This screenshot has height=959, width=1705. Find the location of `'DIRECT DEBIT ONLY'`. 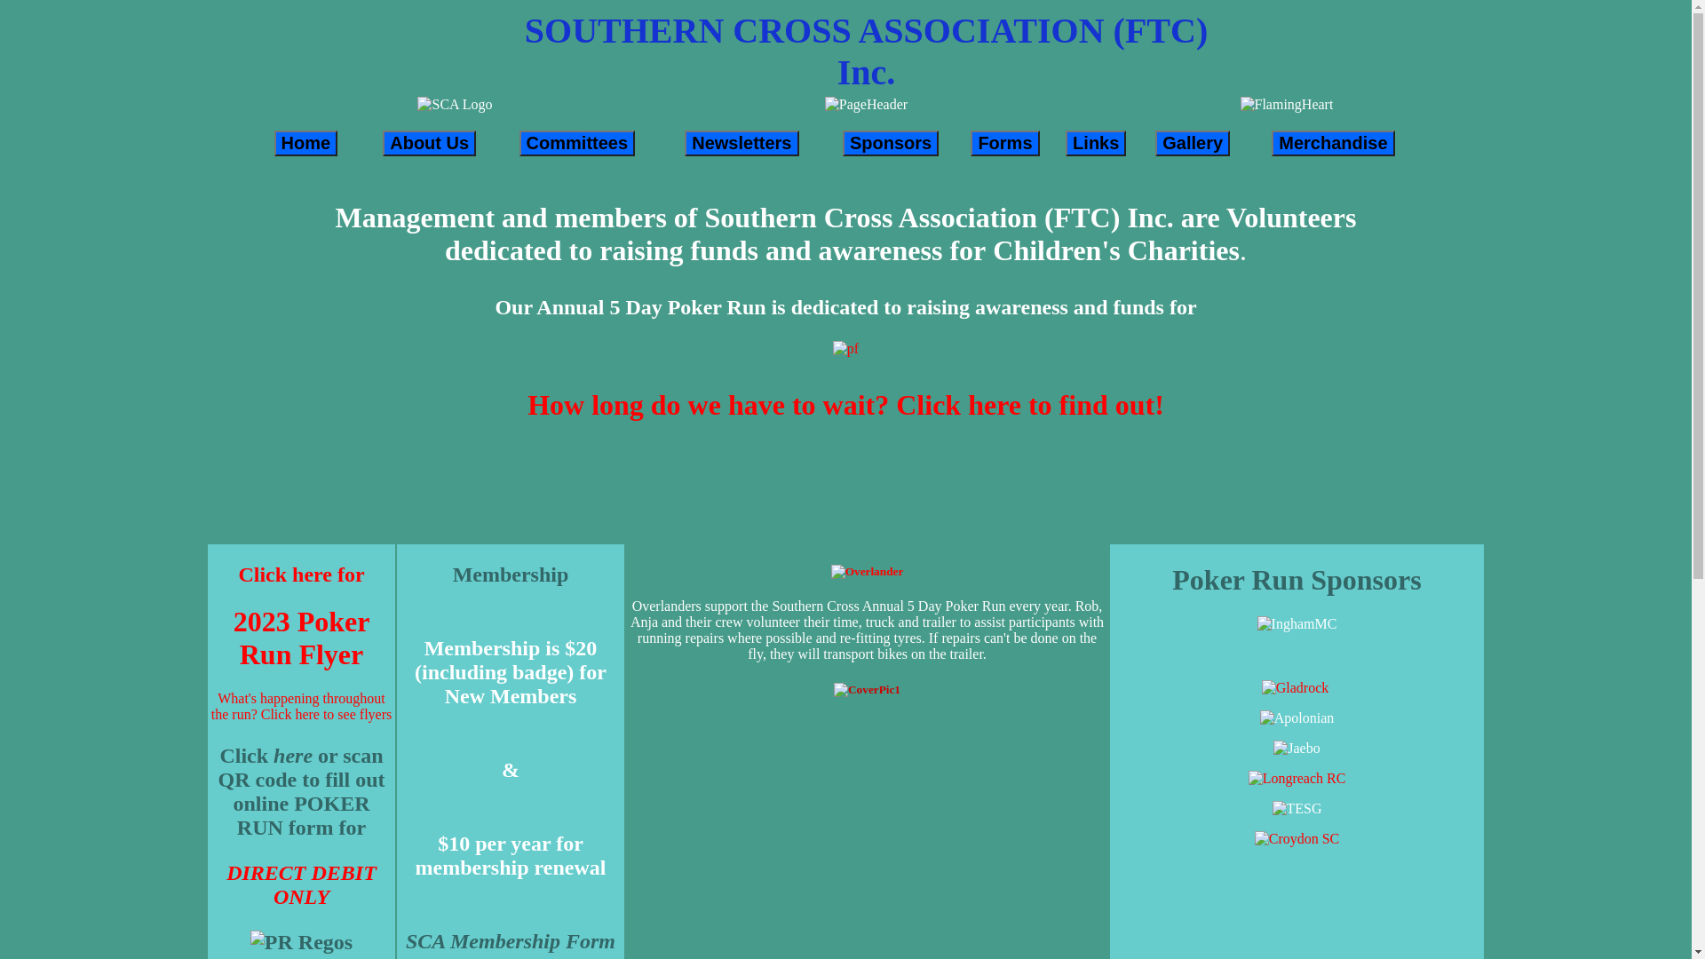

'DIRECT DEBIT ONLY' is located at coordinates (301, 884).